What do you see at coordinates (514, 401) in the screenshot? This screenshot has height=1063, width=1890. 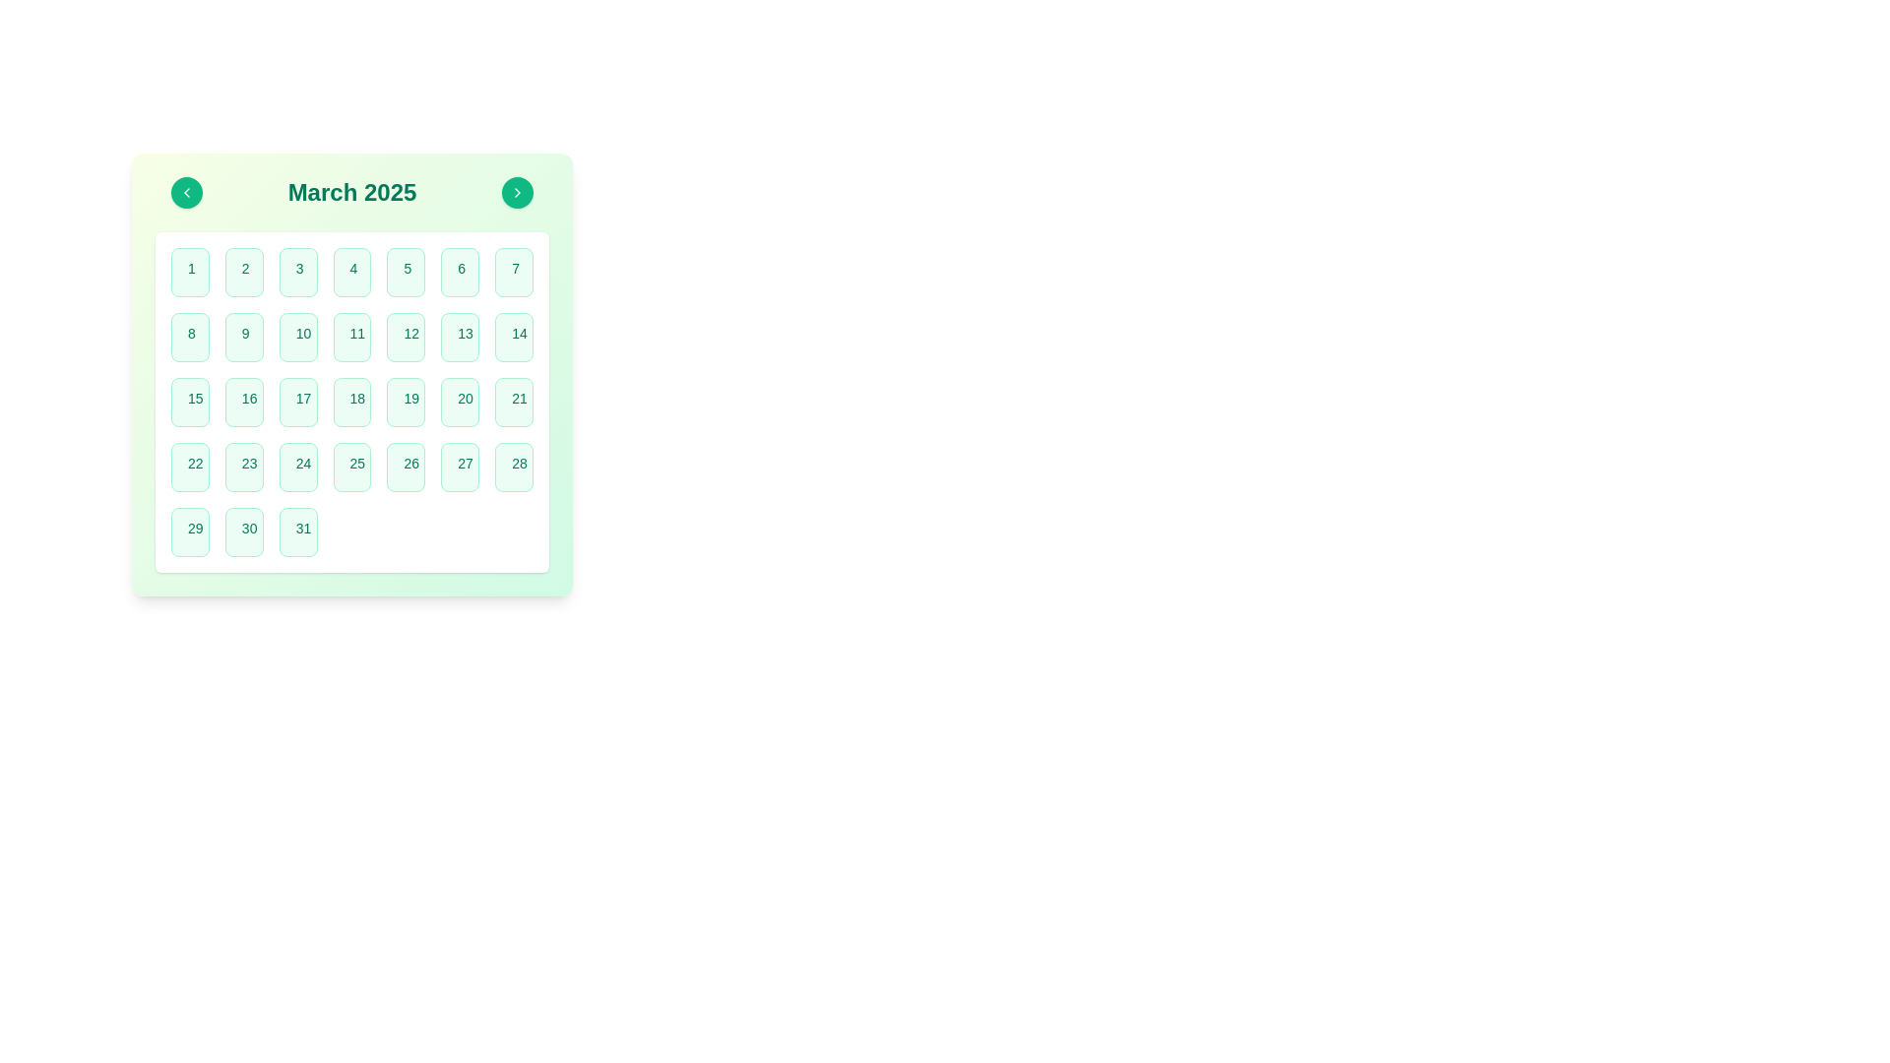 I see `the Calendar Day Cell representing the 21st of the month in the calendar grid layout` at bounding box center [514, 401].